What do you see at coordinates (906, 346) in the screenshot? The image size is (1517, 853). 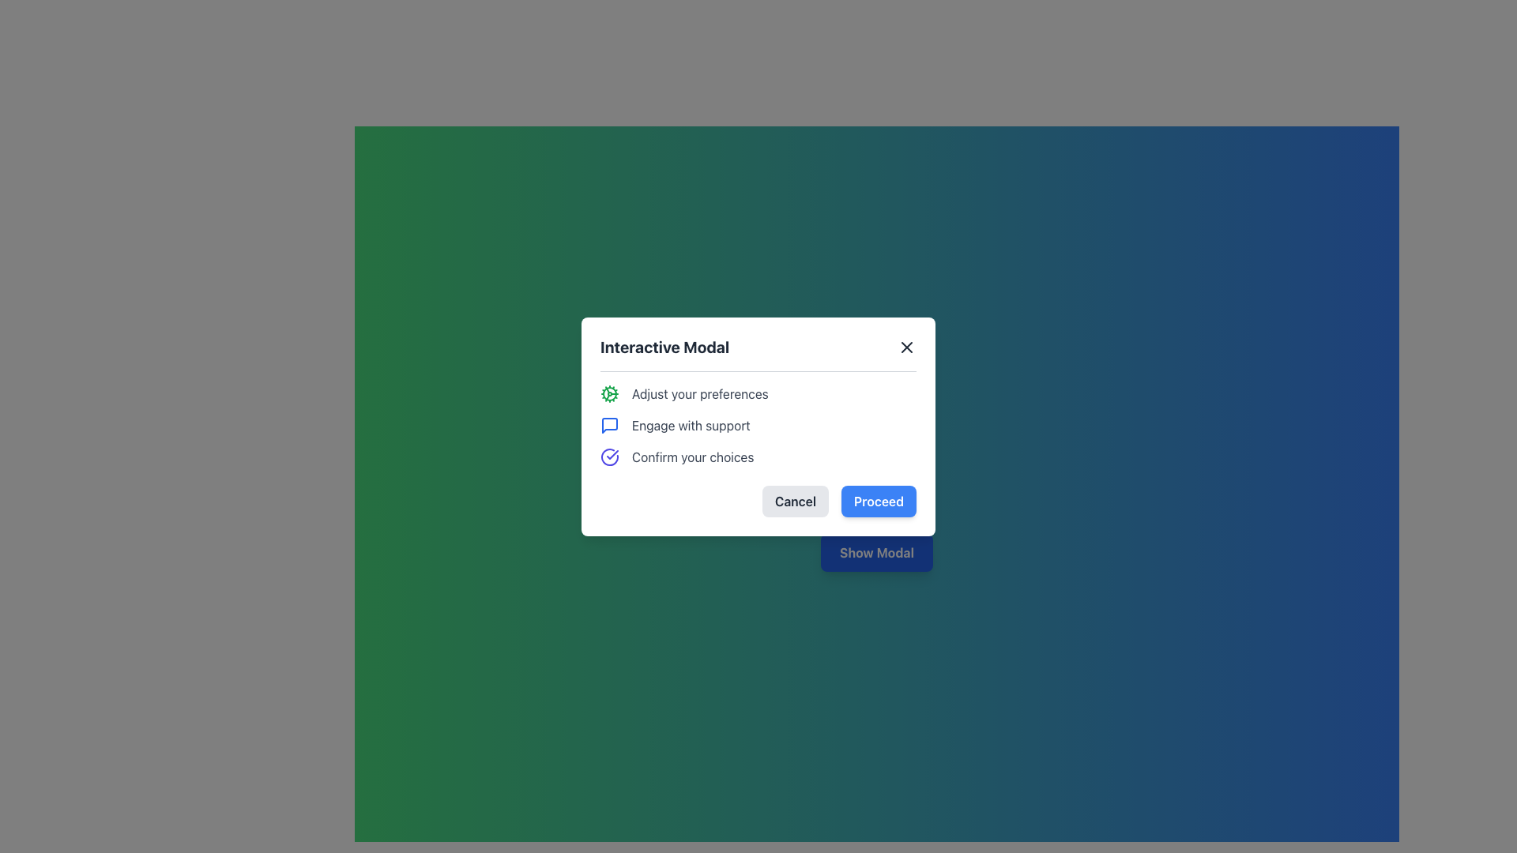 I see `the black cross-shaped close button located in the top-right corner of the modal header next to the title 'Interactive Modal'` at bounding box center [906, 346].